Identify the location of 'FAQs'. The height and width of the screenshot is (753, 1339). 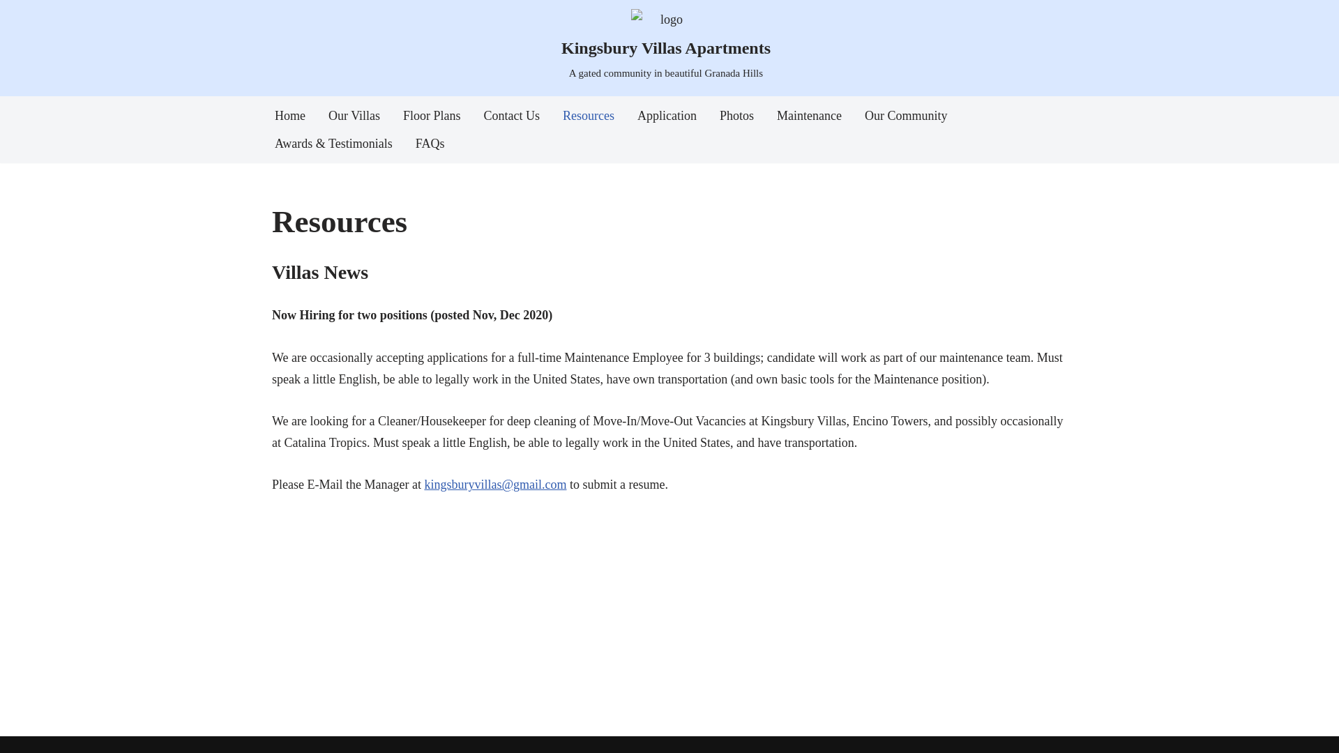
(414, 143).